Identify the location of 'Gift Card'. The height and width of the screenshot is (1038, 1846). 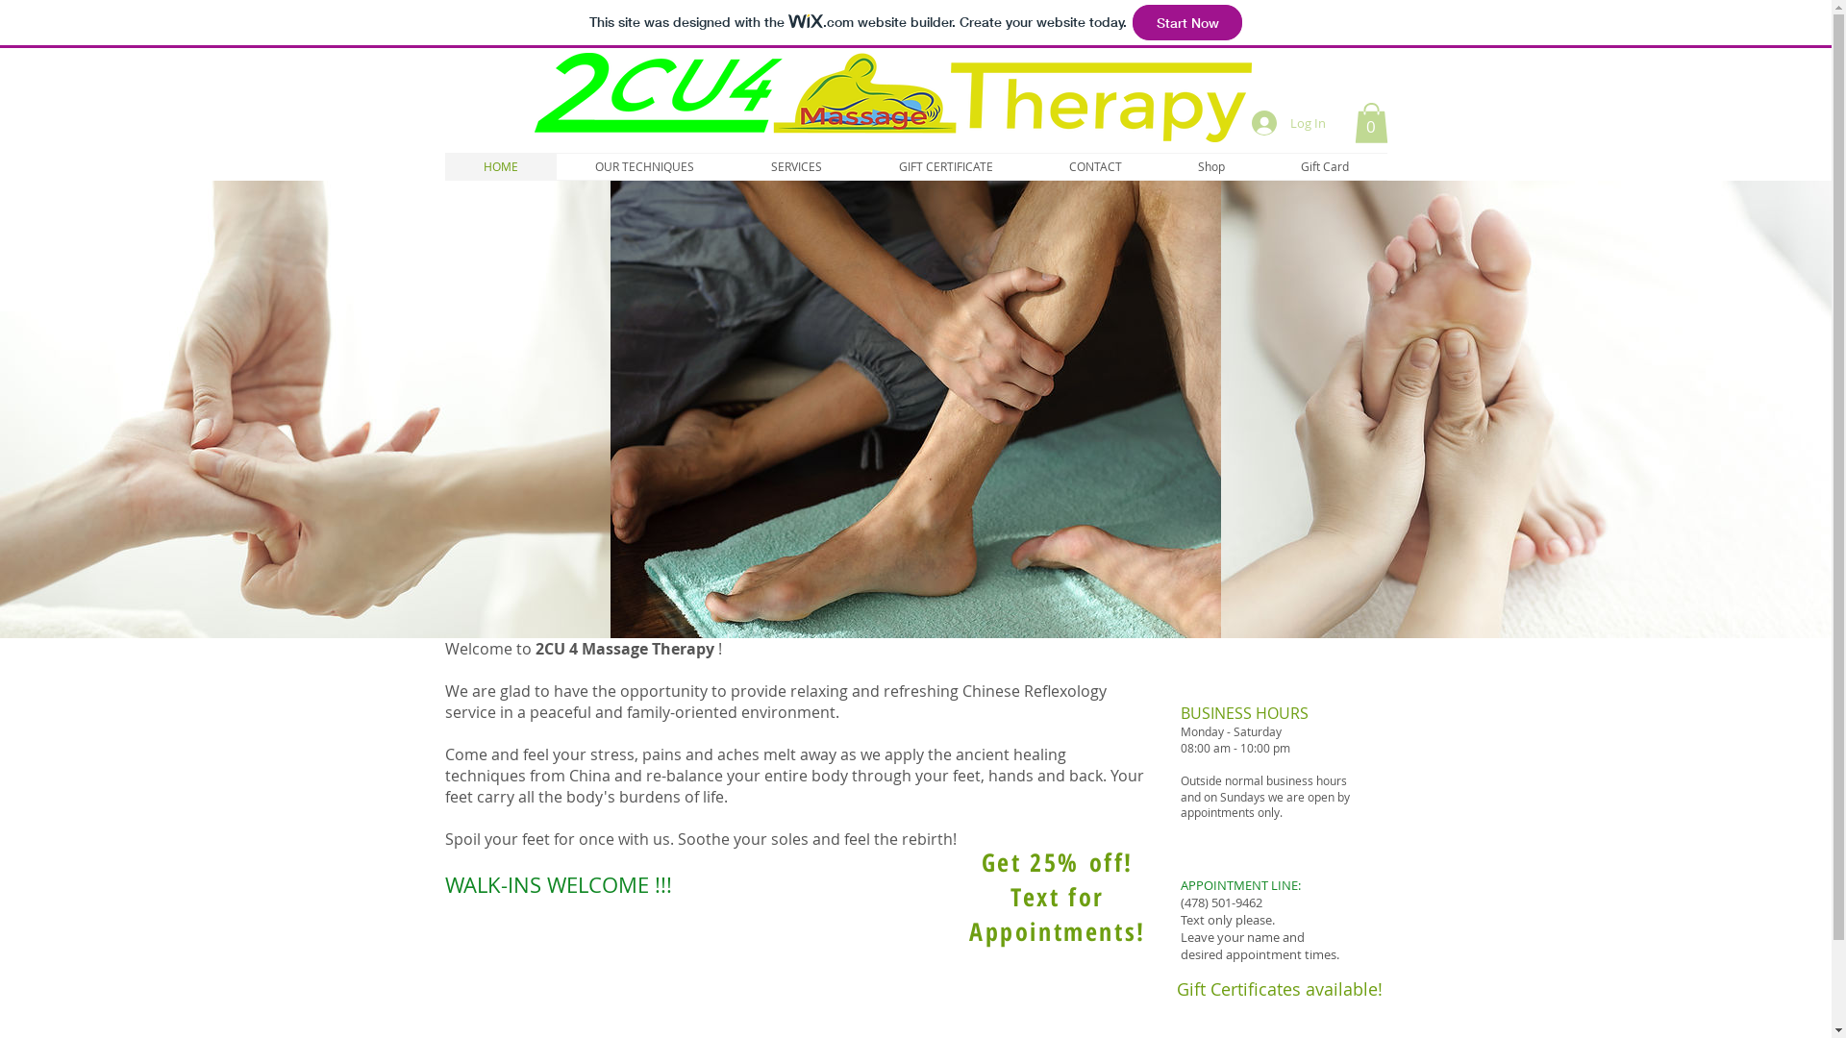
(1324, 165).